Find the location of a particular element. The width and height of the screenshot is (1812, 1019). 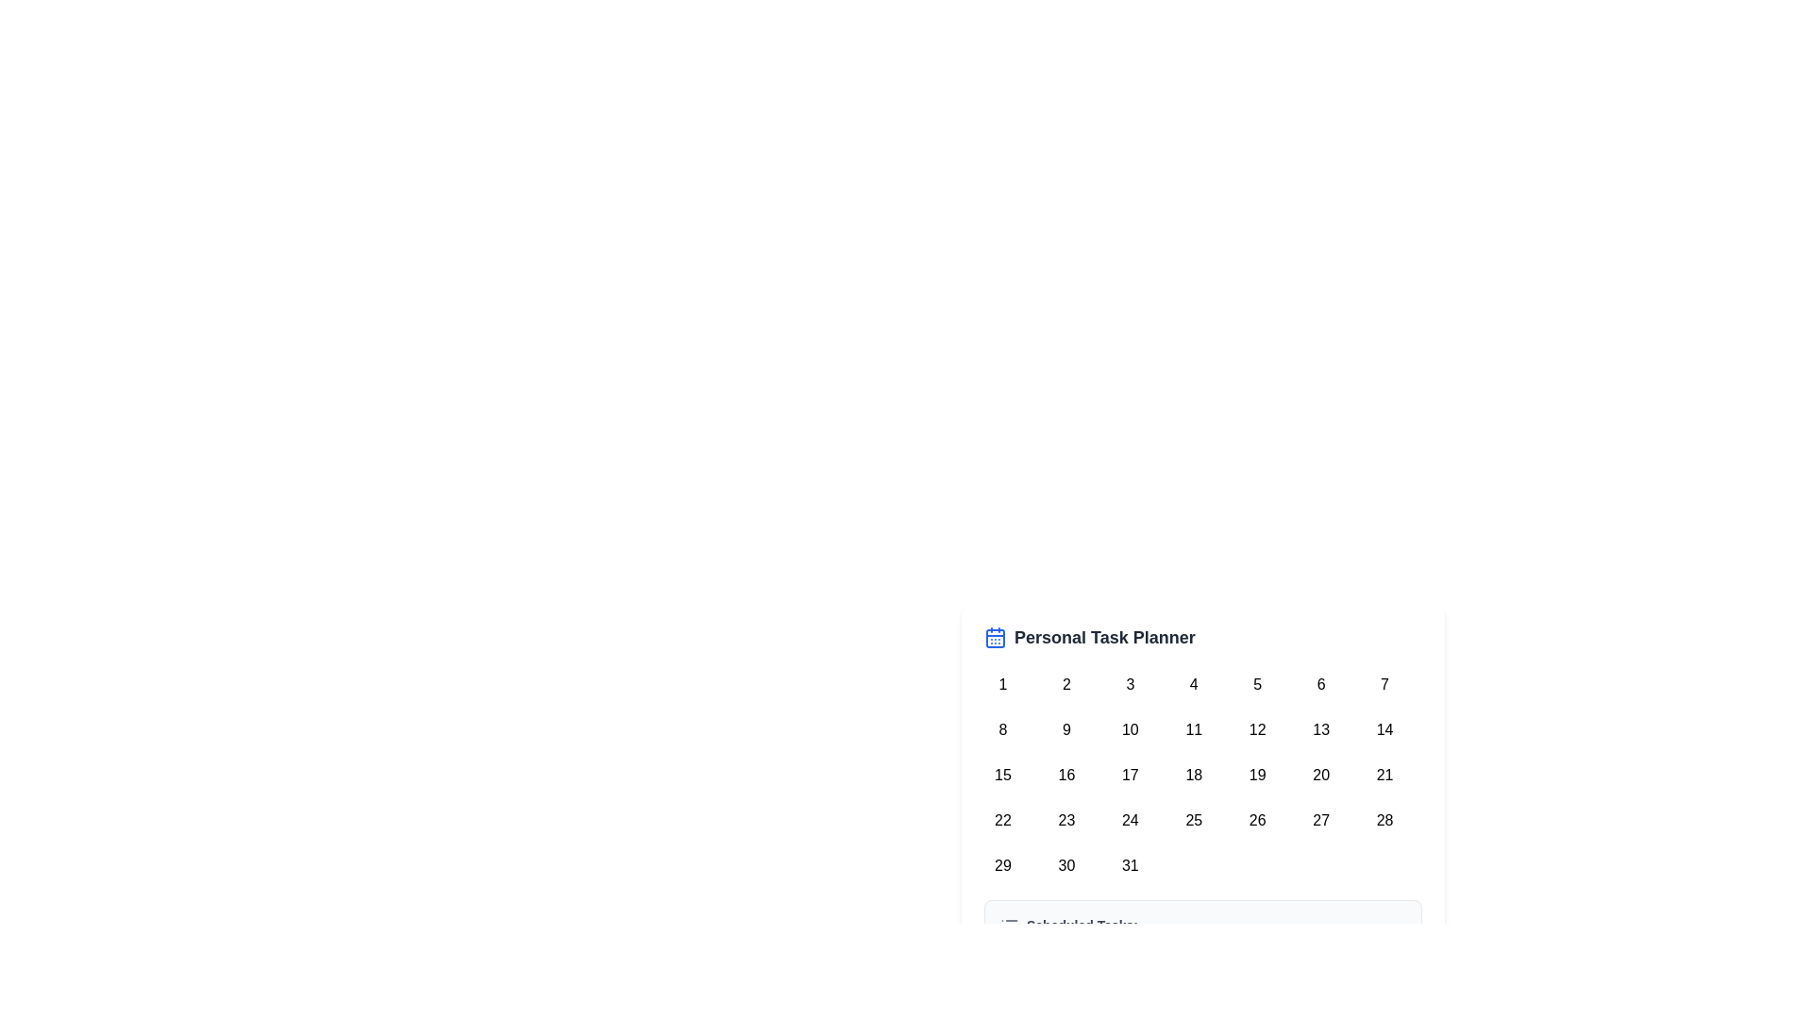

the selectable button labeled '16' in the calendar grid located in the 'Personal Task Planner' section is located at coordinates (1066, 775).